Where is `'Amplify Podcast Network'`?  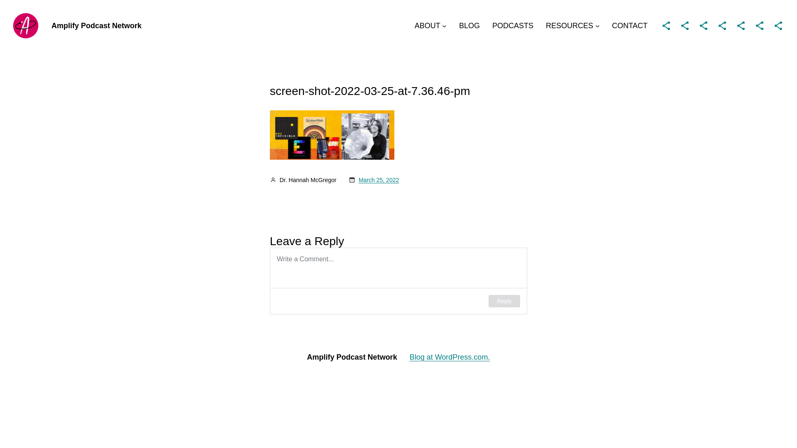 'Amplify Podcast Network' is located at coordinates (96, 25).